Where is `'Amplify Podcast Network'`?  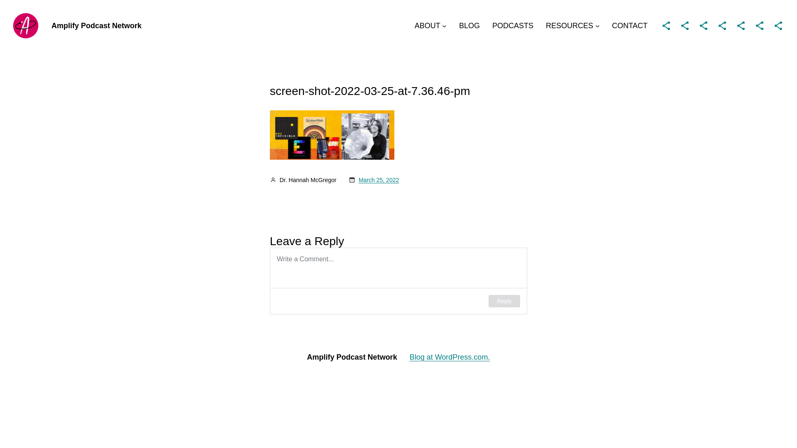 'Amplify Podcast Network' is located at coordinates (96, 25).